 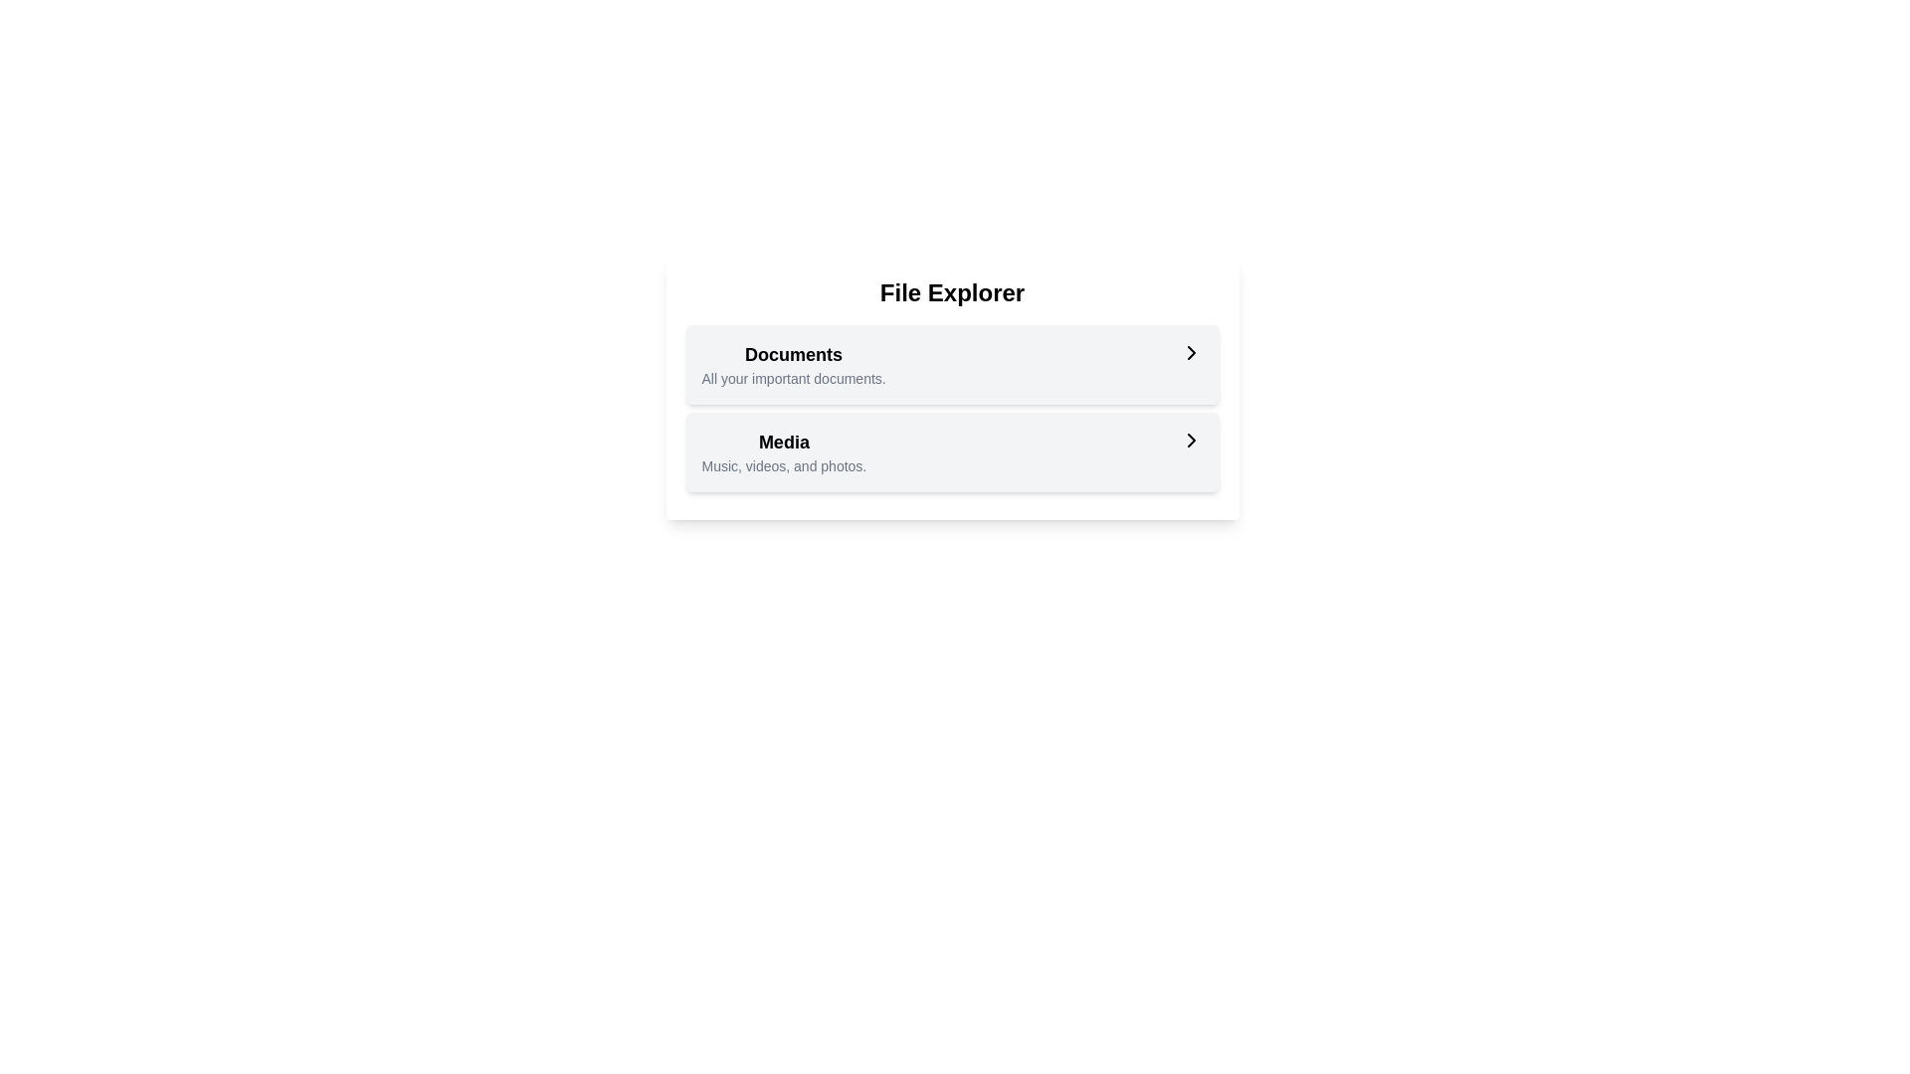 I want to click on the text block labeled 'Documents' which contains a bold header and a smaller subtext, so click(x=793, y=364).